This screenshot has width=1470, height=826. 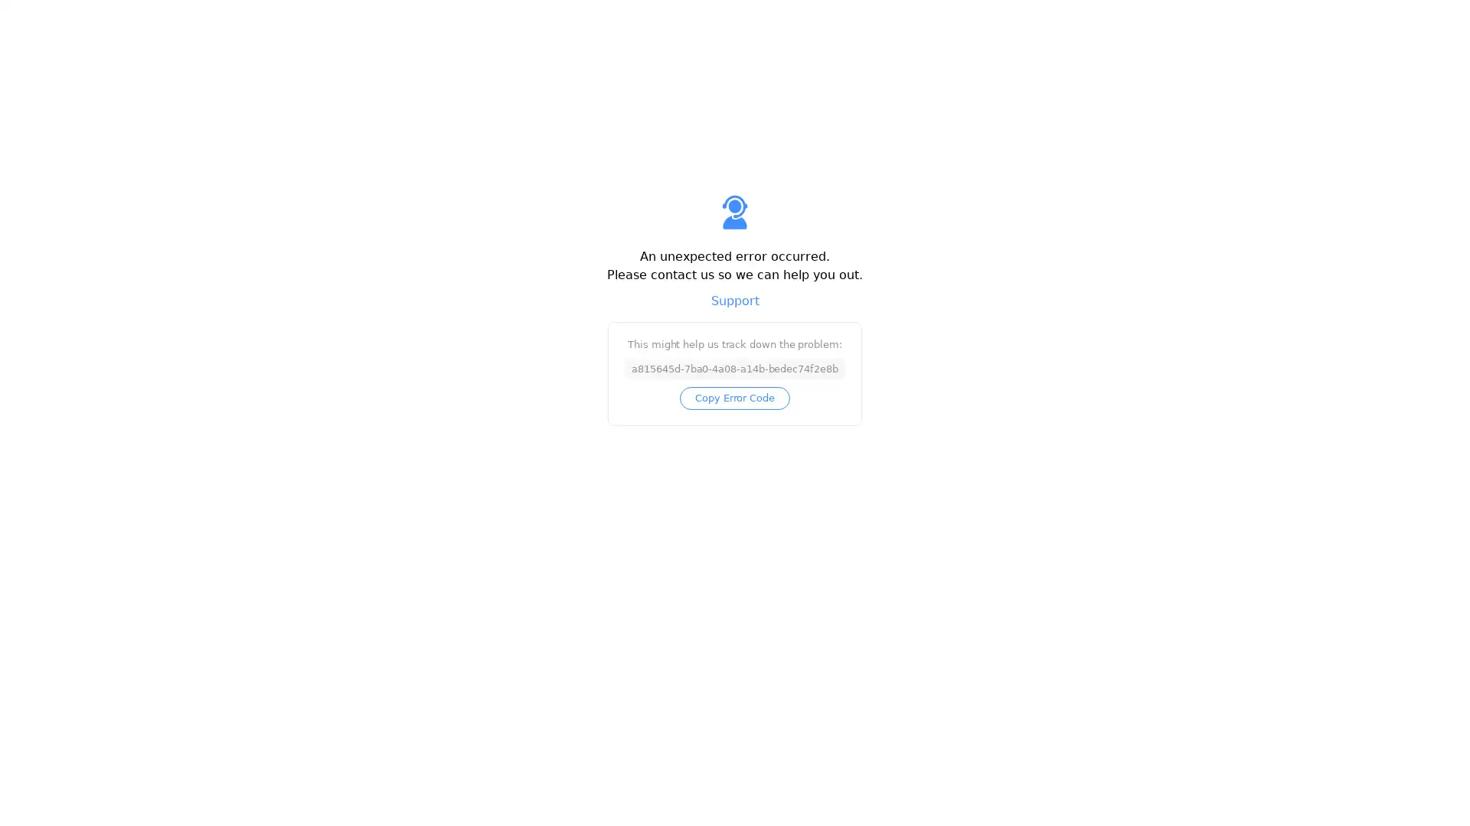 I want to click on Copy Error Code to Clipboard, so click(x=733, y=397).